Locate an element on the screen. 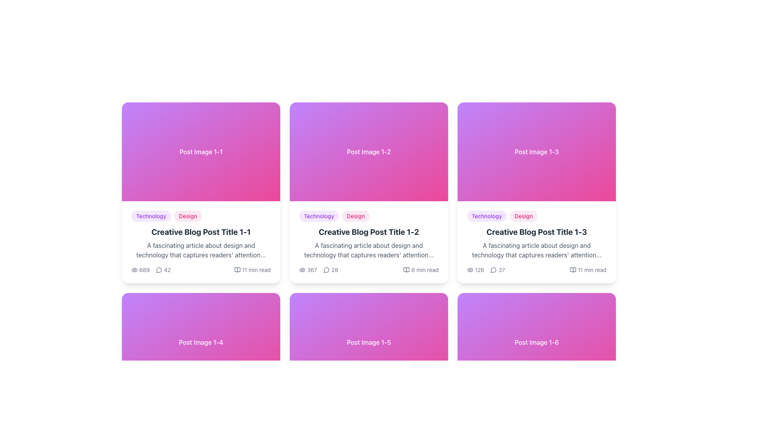  the text element displaying '689' with an adjacent eye icon, positioned in the lower section of the card, directly to the left of the element labeled '42' is located at coordinates (141, 269).